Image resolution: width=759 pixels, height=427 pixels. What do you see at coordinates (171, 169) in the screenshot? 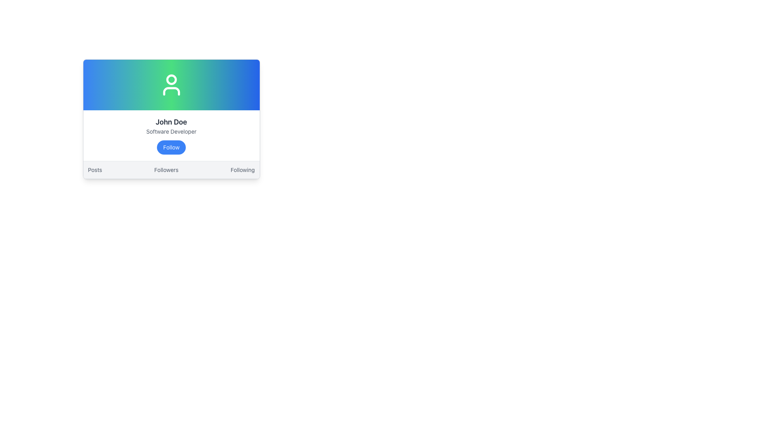
I see `the 'Followers' text link in the navigation bar` at bounding box center [171, 169].